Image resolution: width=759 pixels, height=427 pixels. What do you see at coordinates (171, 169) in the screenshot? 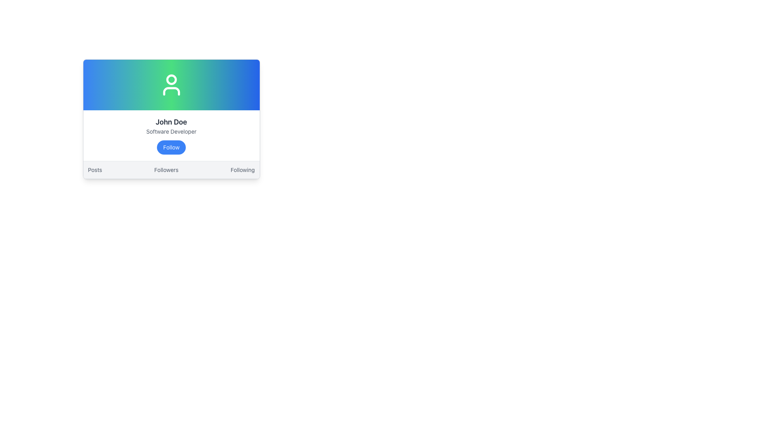
I see `the 'Followers' text link in the navigation bar` at bounding box center [171, 169].